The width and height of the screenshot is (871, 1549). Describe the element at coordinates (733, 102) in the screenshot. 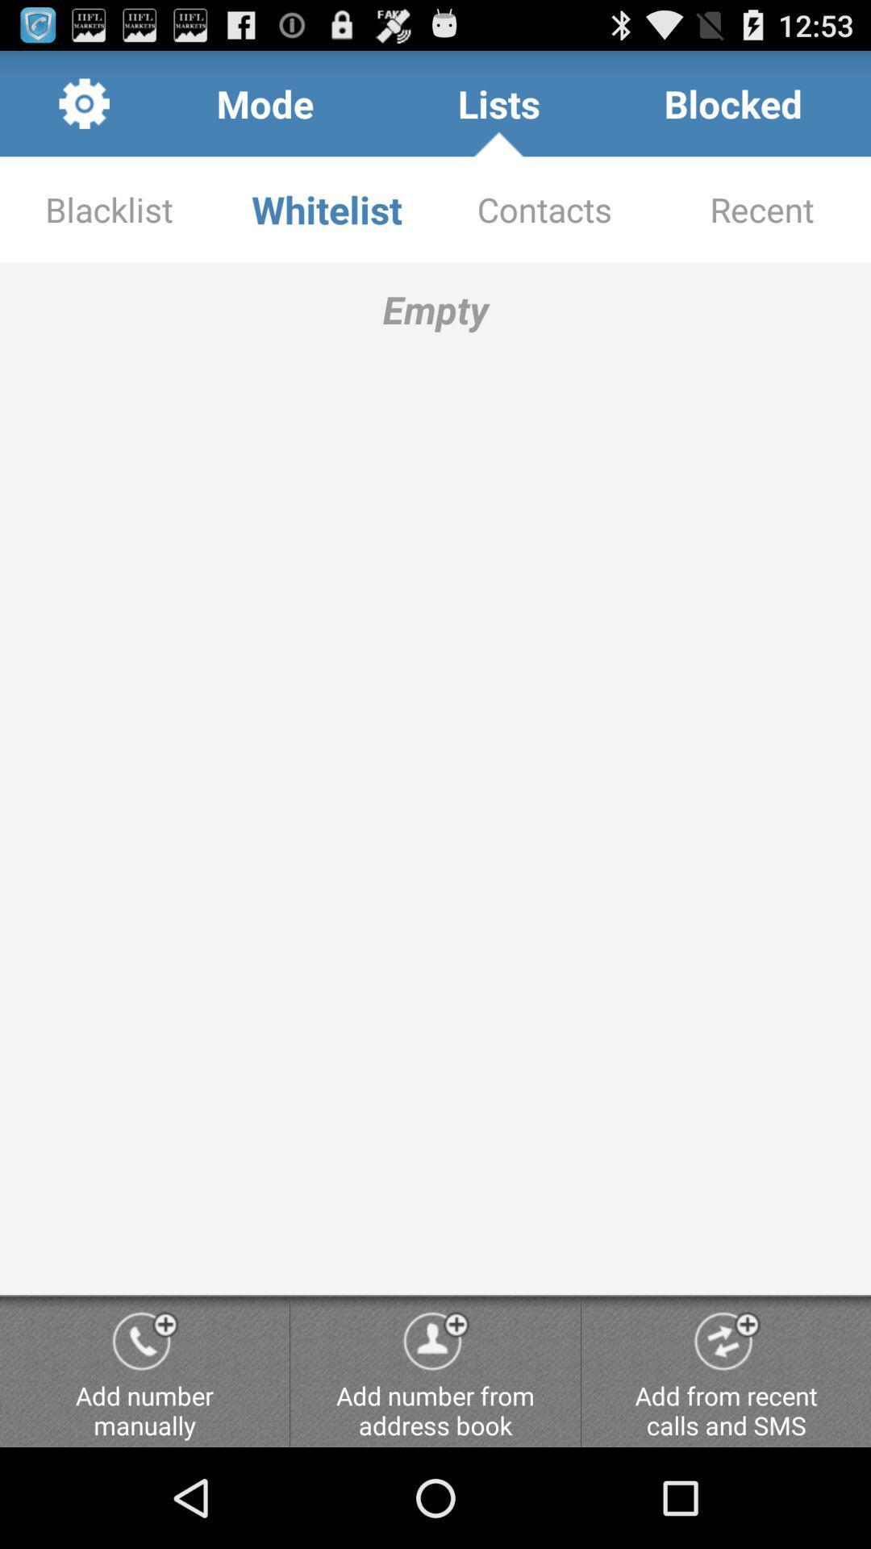

I see `blocked app` at that location.